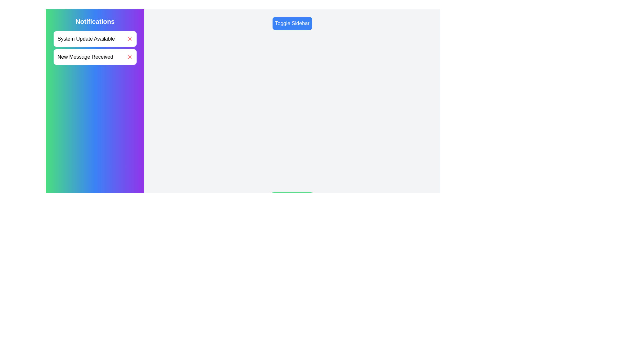  I want to click on the label displaying 'New Message Received', which is styled in black text against a light background and is the second item in the sidebar list, so click(85, 57).